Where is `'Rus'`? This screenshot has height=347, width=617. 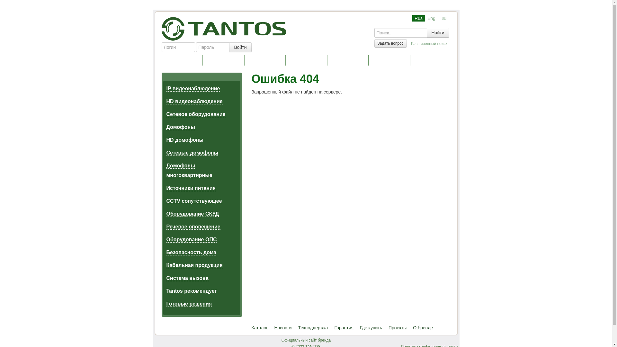 'Rus' is located at coordinates (418, 18).